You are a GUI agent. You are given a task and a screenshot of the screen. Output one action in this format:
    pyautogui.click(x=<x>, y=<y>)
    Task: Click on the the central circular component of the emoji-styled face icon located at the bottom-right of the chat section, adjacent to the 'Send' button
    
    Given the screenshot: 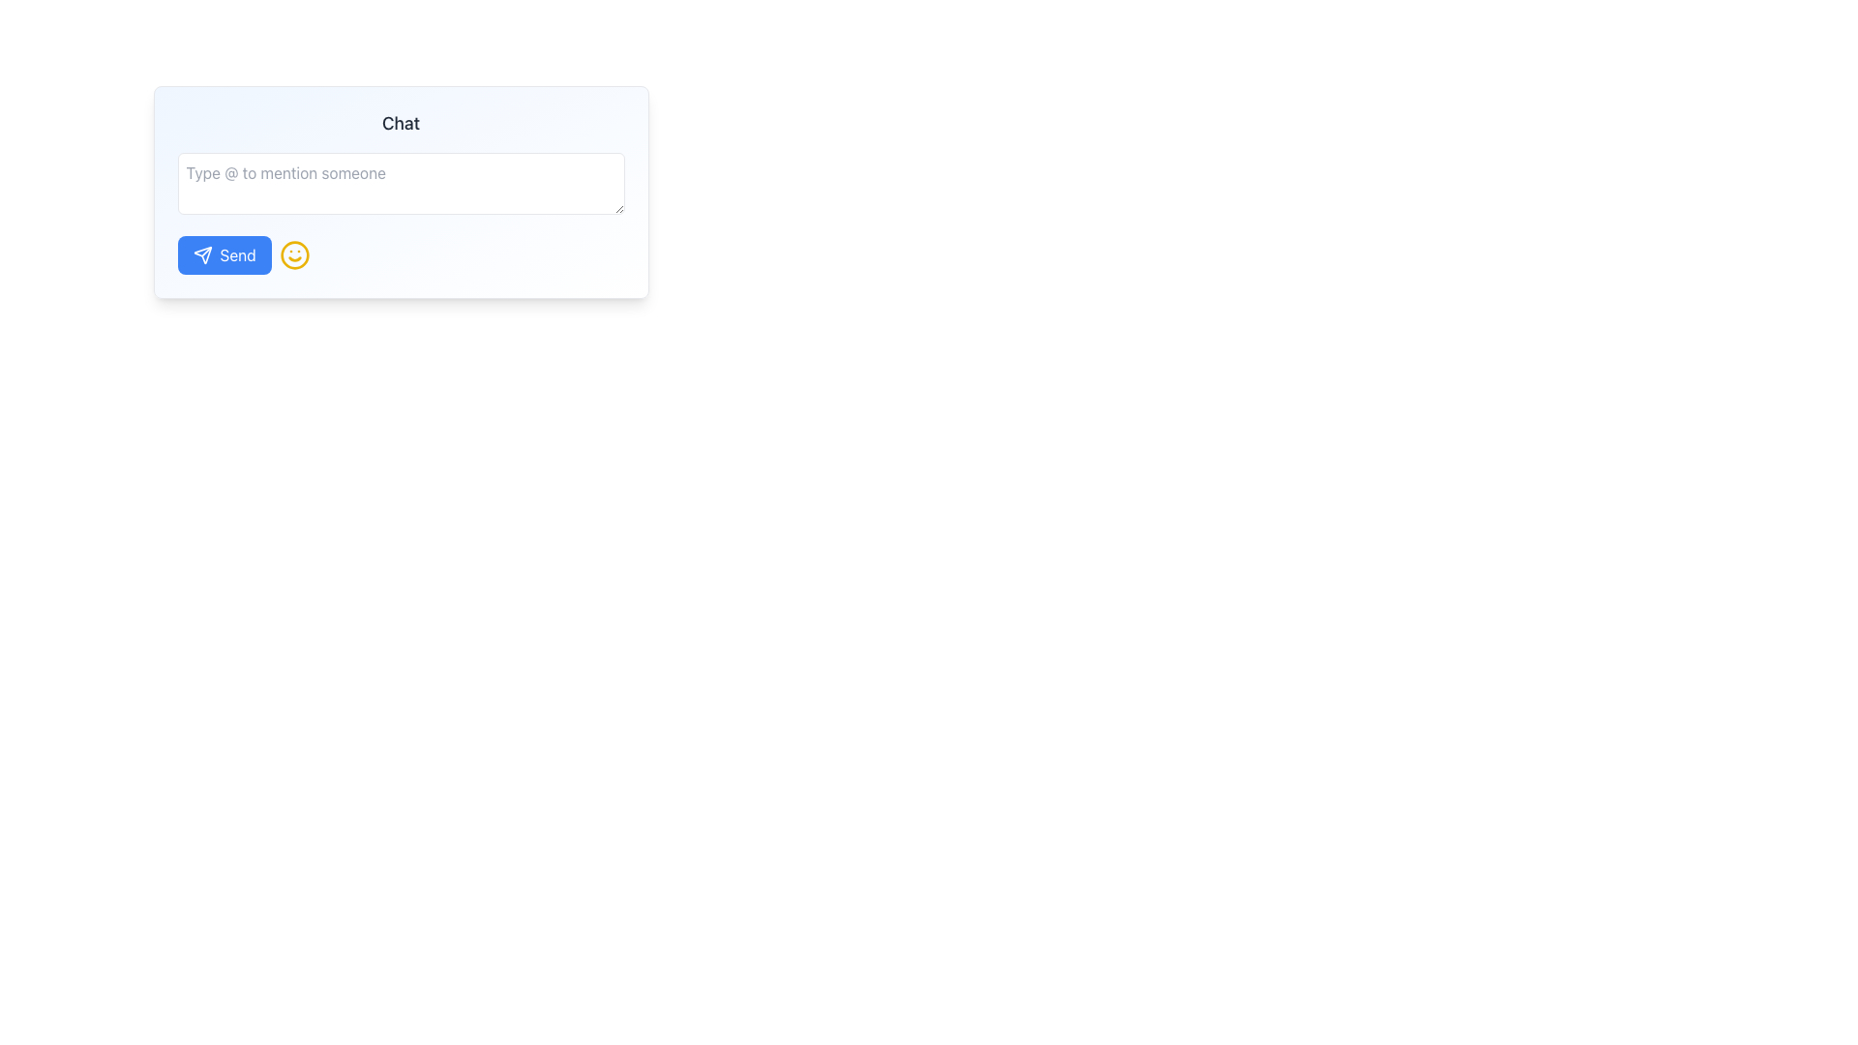 What is the action you would take?
    pyautogui.click(x=293, y=254)
    